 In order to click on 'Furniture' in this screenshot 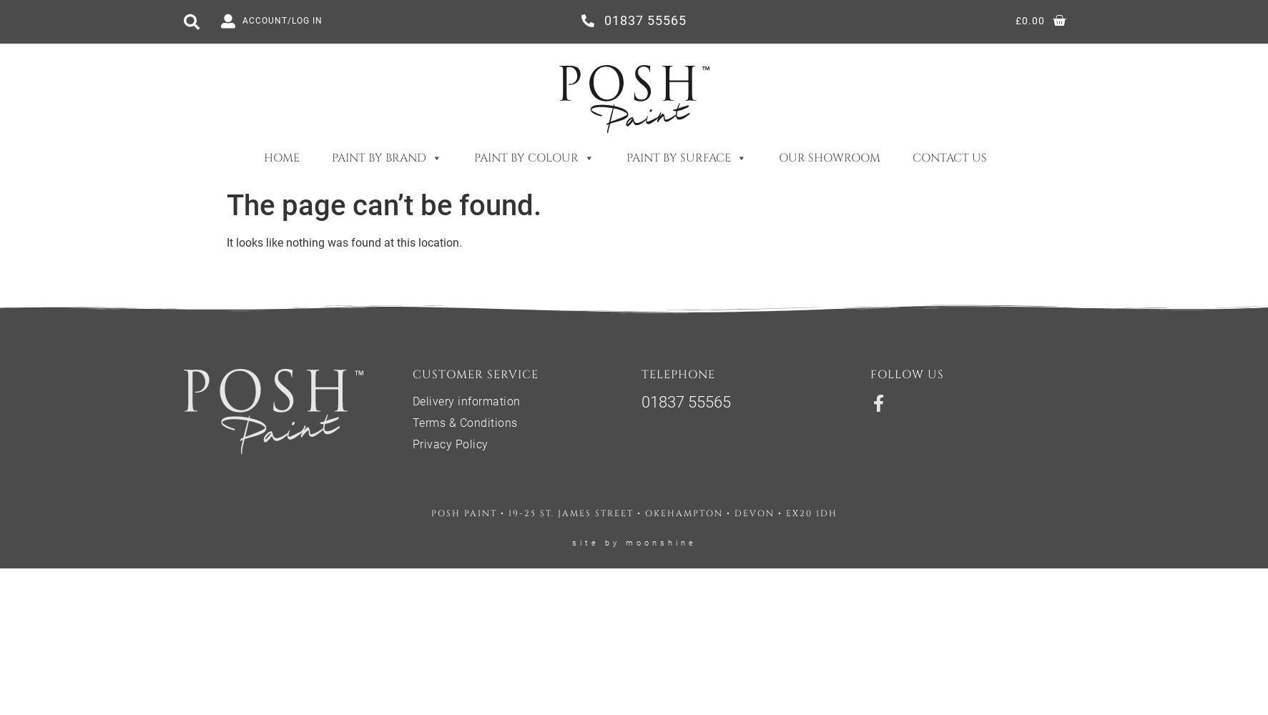, I will do `click(943, 207)`.